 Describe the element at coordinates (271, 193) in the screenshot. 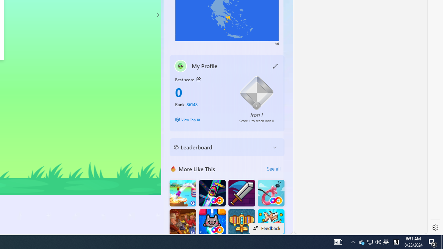

I see `'Balloon FRVR'` at that location.